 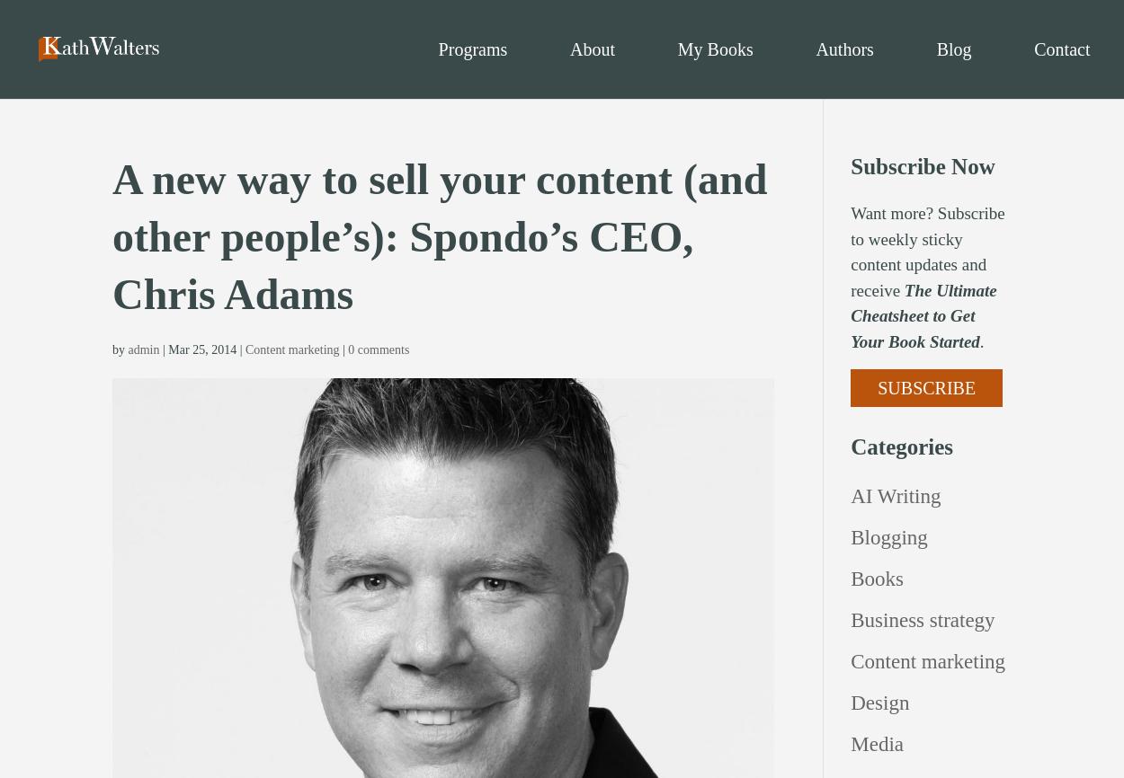 What do you see at coordinates (439, 235) in the screenshot?
I see `'A new way to sell your content (and other people’s): Spondo’s CEO, Chris Adams'` at bounding box center [439, 235].